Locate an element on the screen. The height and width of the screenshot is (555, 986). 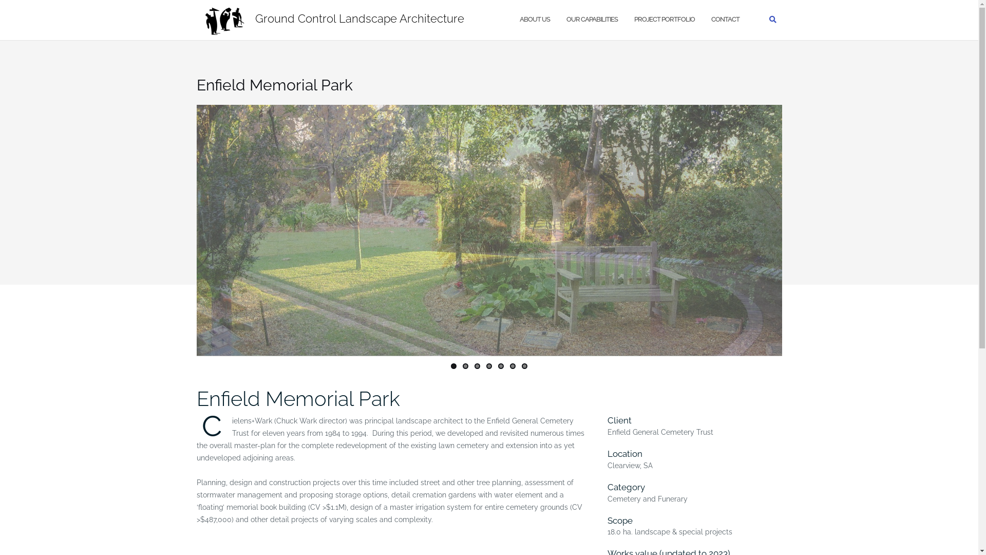
'5' is located at coordinates (501, 365).